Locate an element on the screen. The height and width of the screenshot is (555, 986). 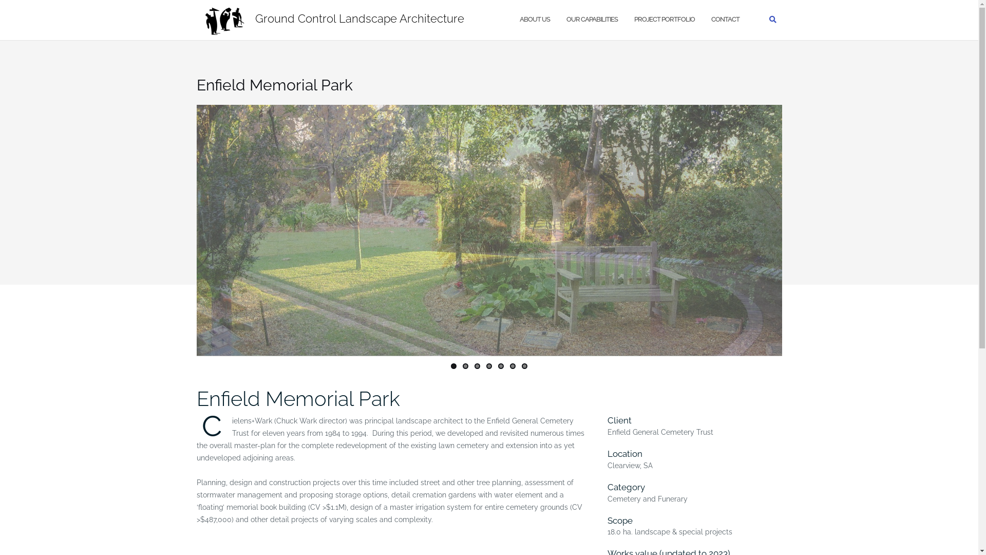
'5' is located at coordinates (501, 365).